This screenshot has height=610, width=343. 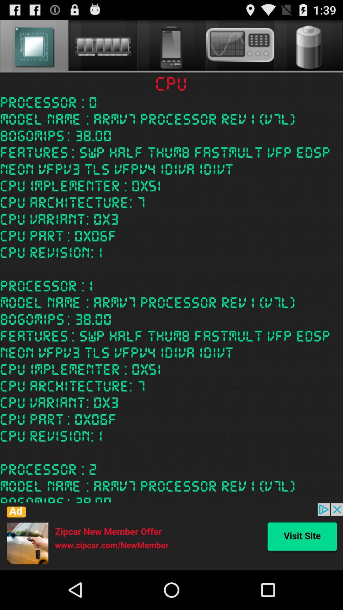 What do you see at coordinates (171, 536) in the screenshot?
I see `icone` at bounding box center [171, 536].